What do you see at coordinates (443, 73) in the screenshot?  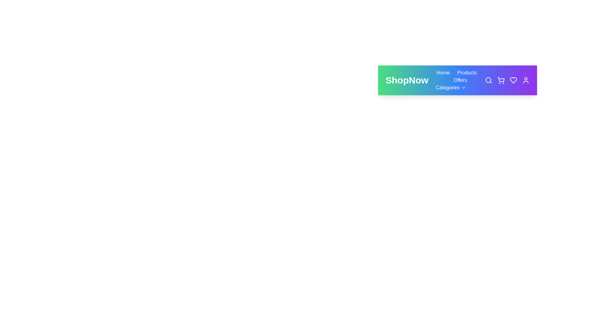 I see `the Home navigation button to navigate to the respective section` at bounding box center [443, 73].